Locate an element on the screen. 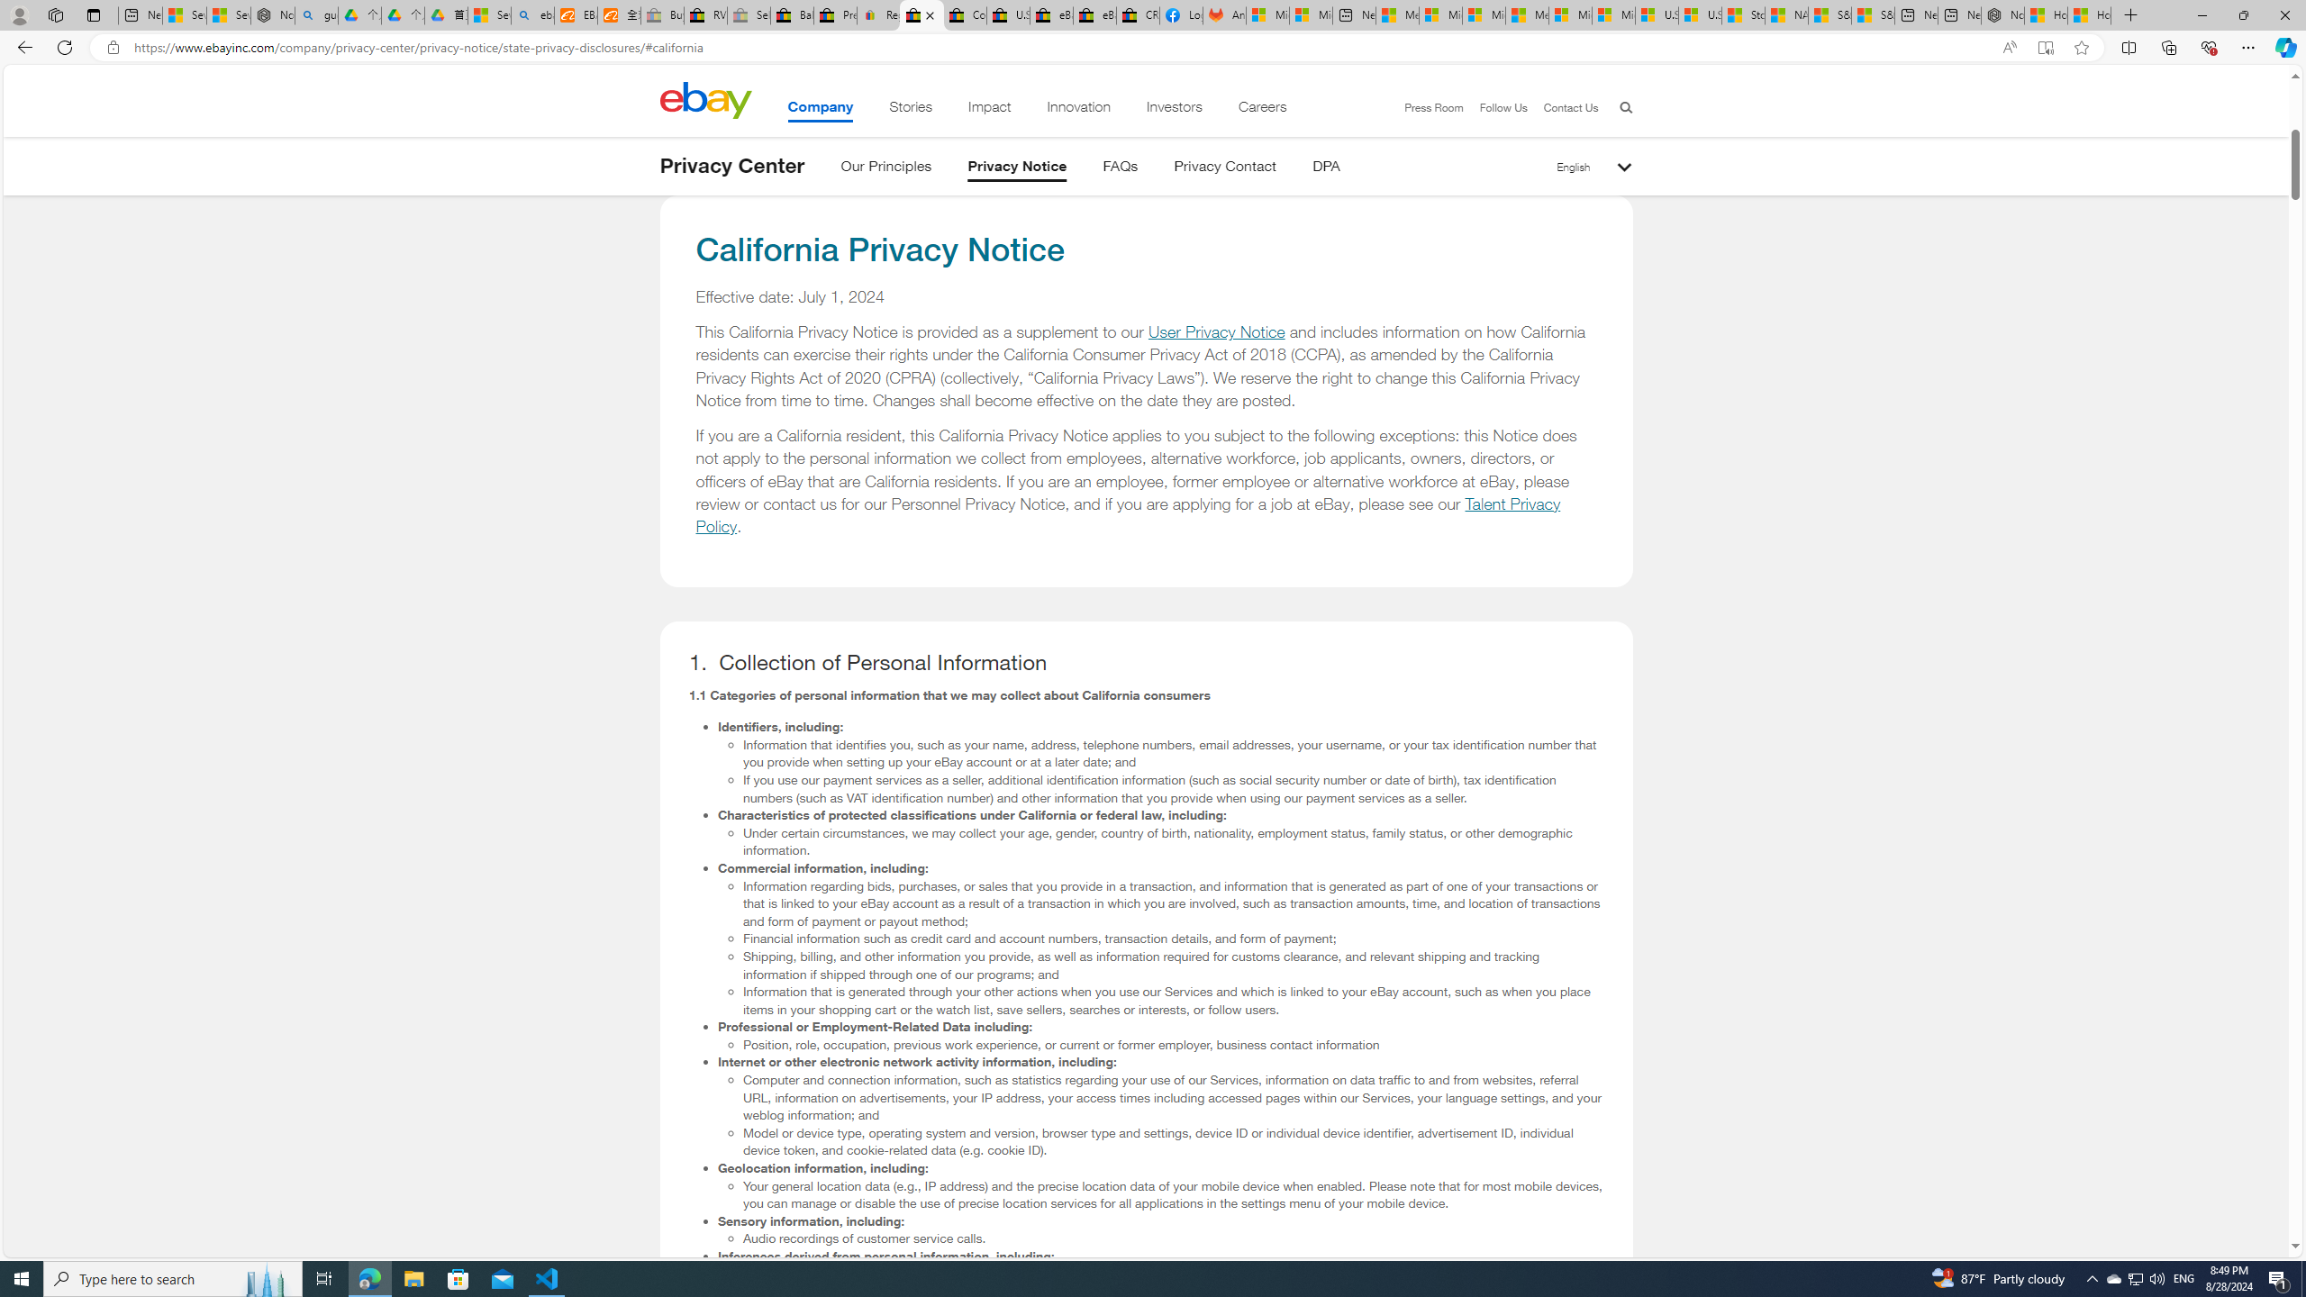 The width and height of the screenshot is (2306, 1297). 'Privacy Notice' is located at coordinates (1017, 168).